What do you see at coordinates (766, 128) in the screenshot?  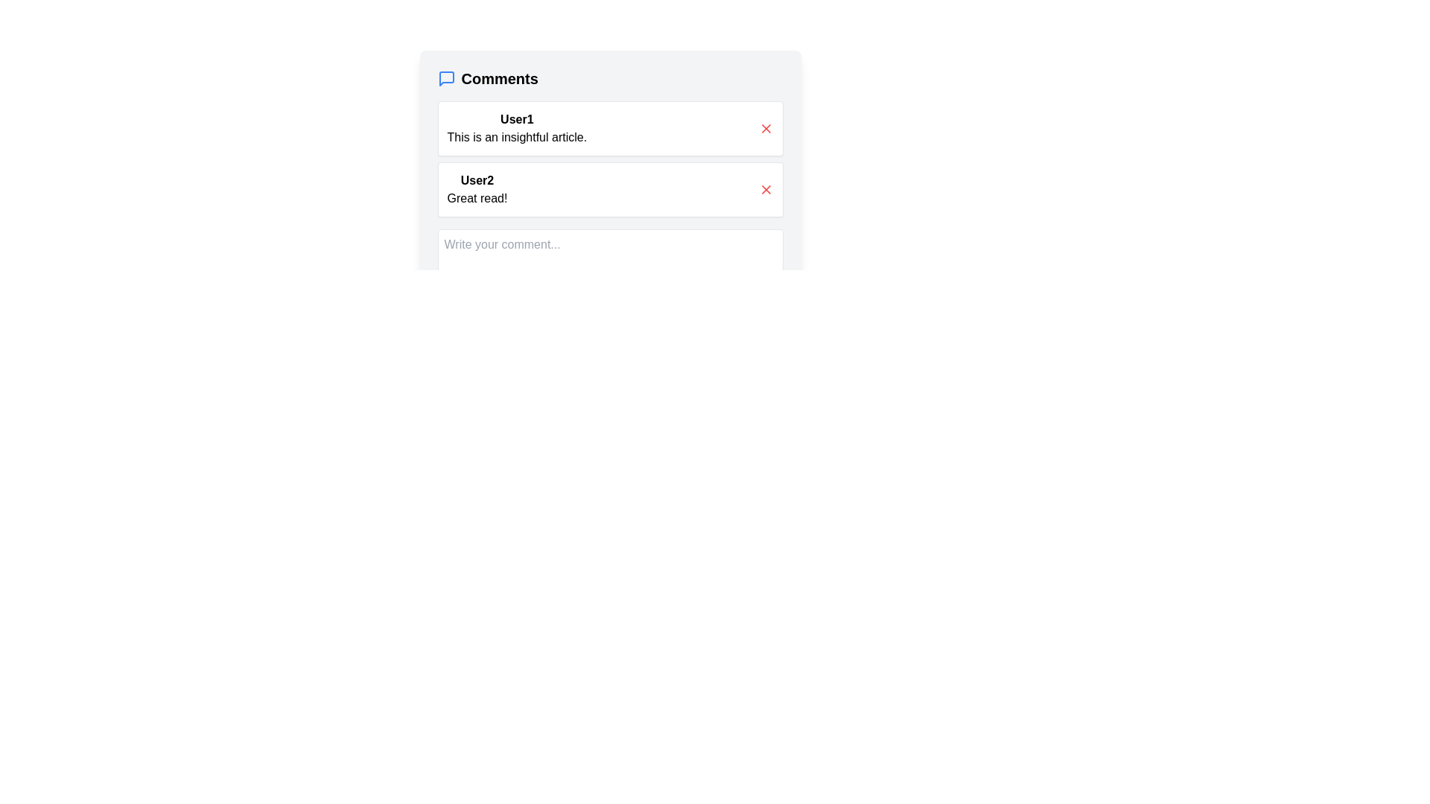 I see `the delete icon located in the top-right corner of 'User1' comment` at bounding box center [766, 128].